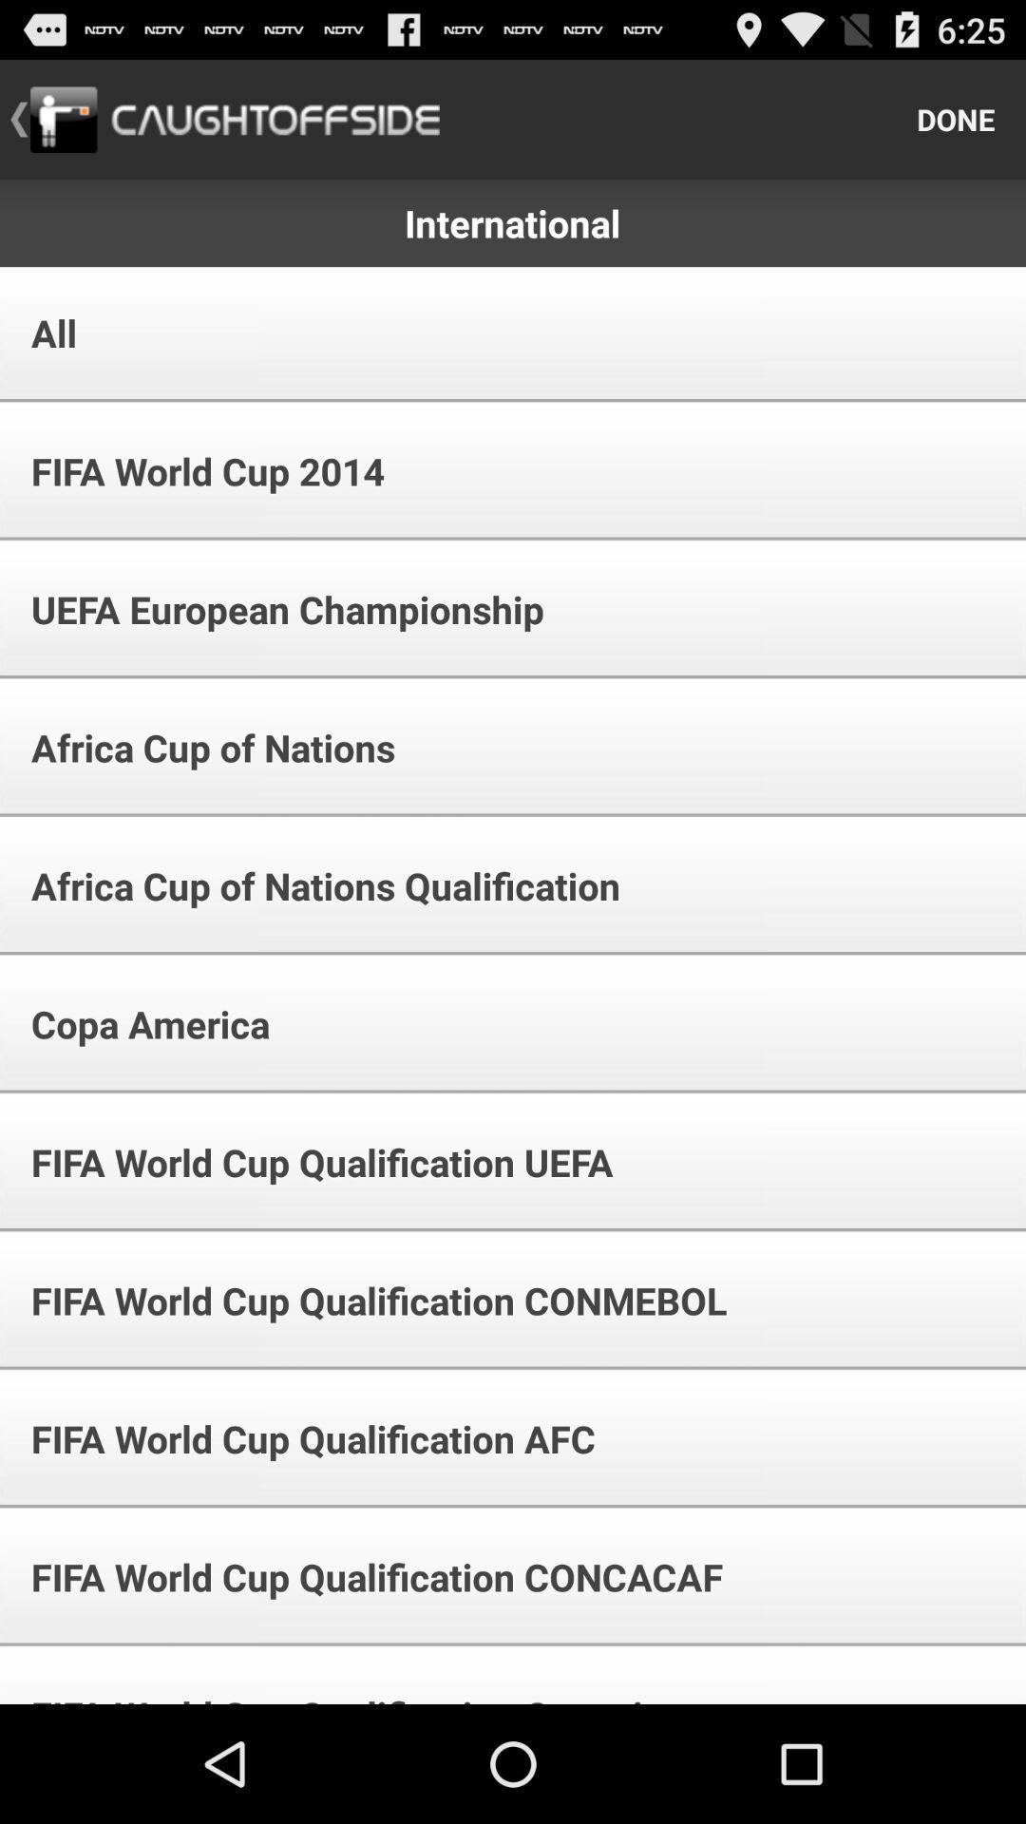 This screenshot has width=1026, height=1824. Describe the element at coordinates (137, 1023) in the screenshot. I see `the app above the fifa world cup` at that location.